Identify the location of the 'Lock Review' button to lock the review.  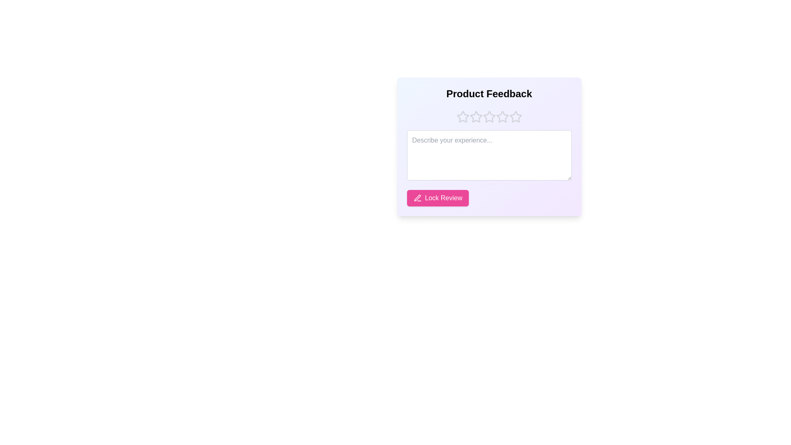
(437, 198).